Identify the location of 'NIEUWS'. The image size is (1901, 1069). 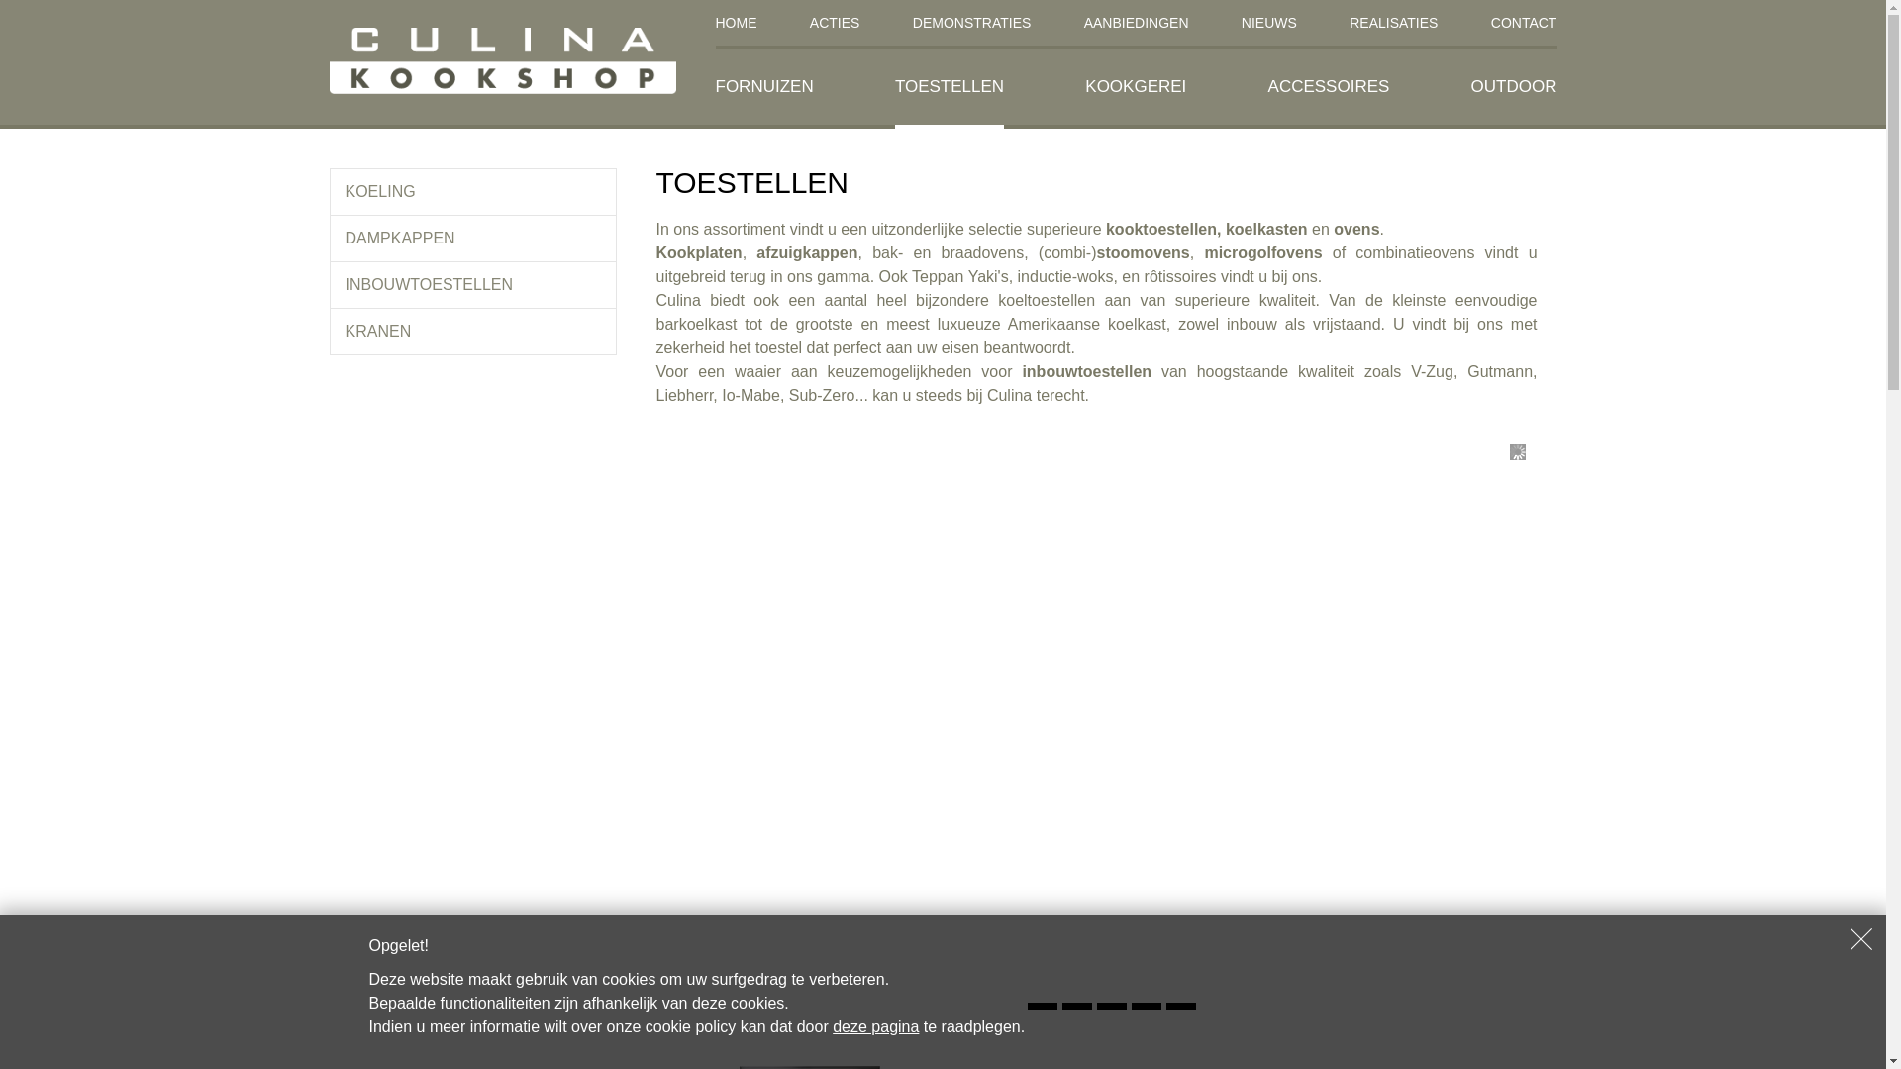
(1268, 24).